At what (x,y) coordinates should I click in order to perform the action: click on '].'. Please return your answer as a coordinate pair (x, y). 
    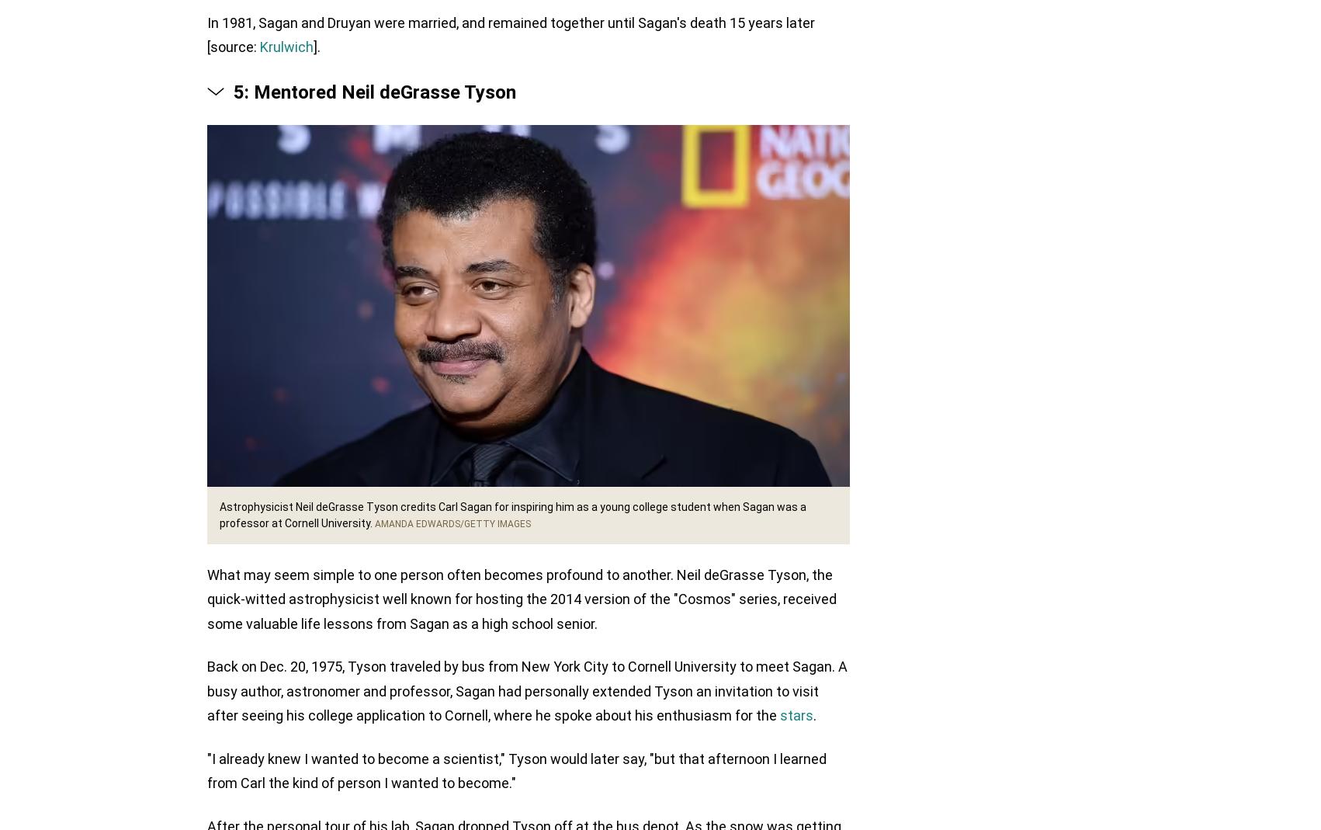
    Looking at the image, I should click on (317, 47).